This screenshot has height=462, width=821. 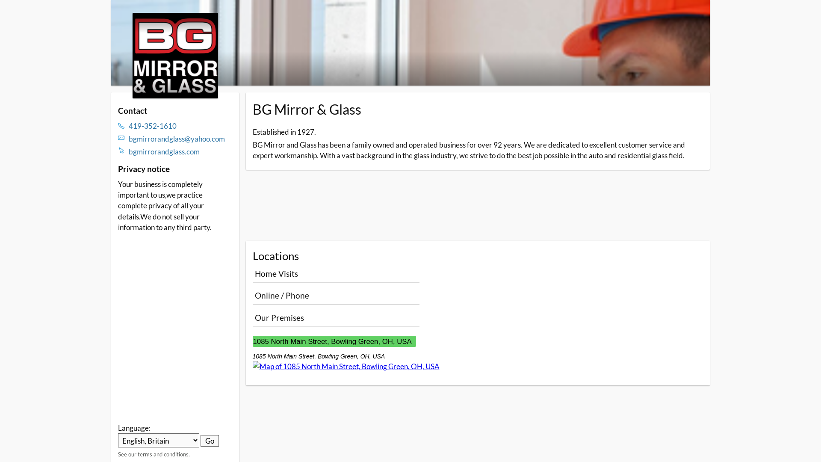 I want to click on 'bgmirrorandglass.com', so click(x=180, y=151).